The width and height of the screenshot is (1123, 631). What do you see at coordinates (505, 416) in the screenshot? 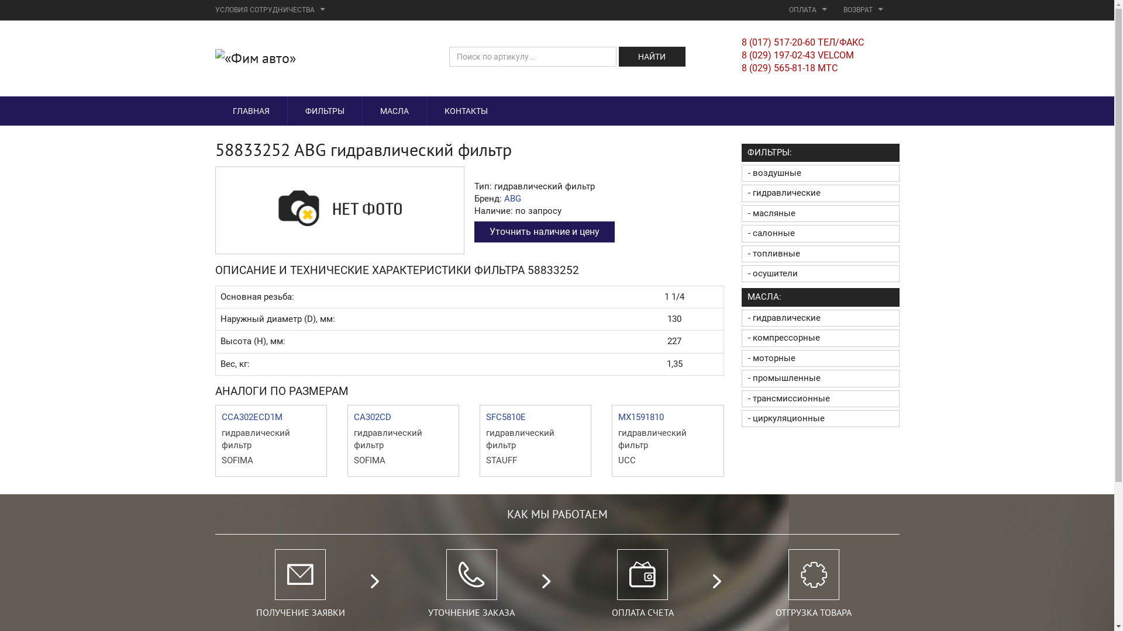
I see `'SFC5810E'` at bounding box center [505, 416].